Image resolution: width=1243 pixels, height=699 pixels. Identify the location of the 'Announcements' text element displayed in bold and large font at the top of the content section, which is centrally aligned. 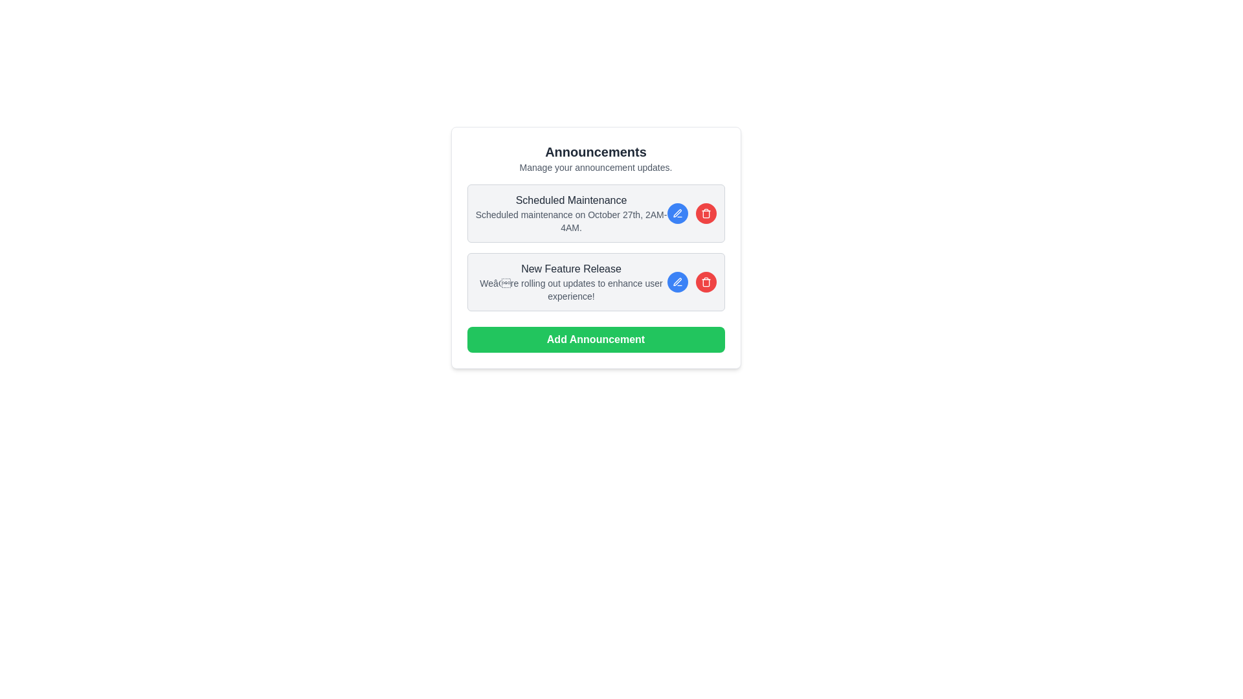
(595, 151).